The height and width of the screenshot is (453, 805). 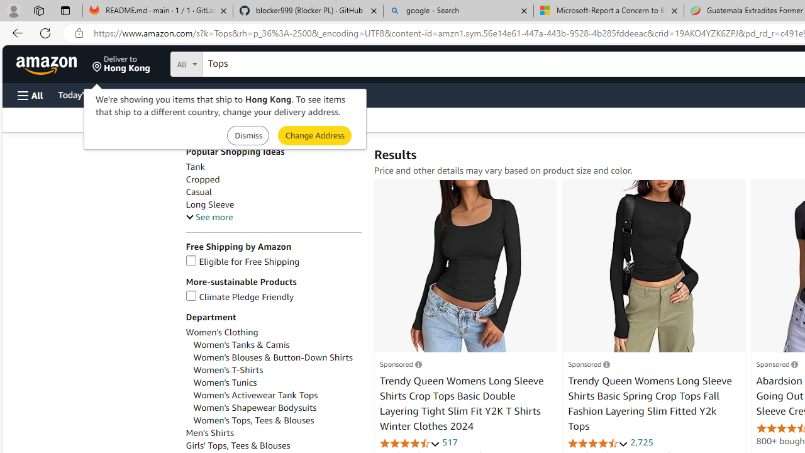 What do you see at coordinates (276, 369) in the screenshot?
I see `'Women'` at bounding box center [276, 369].